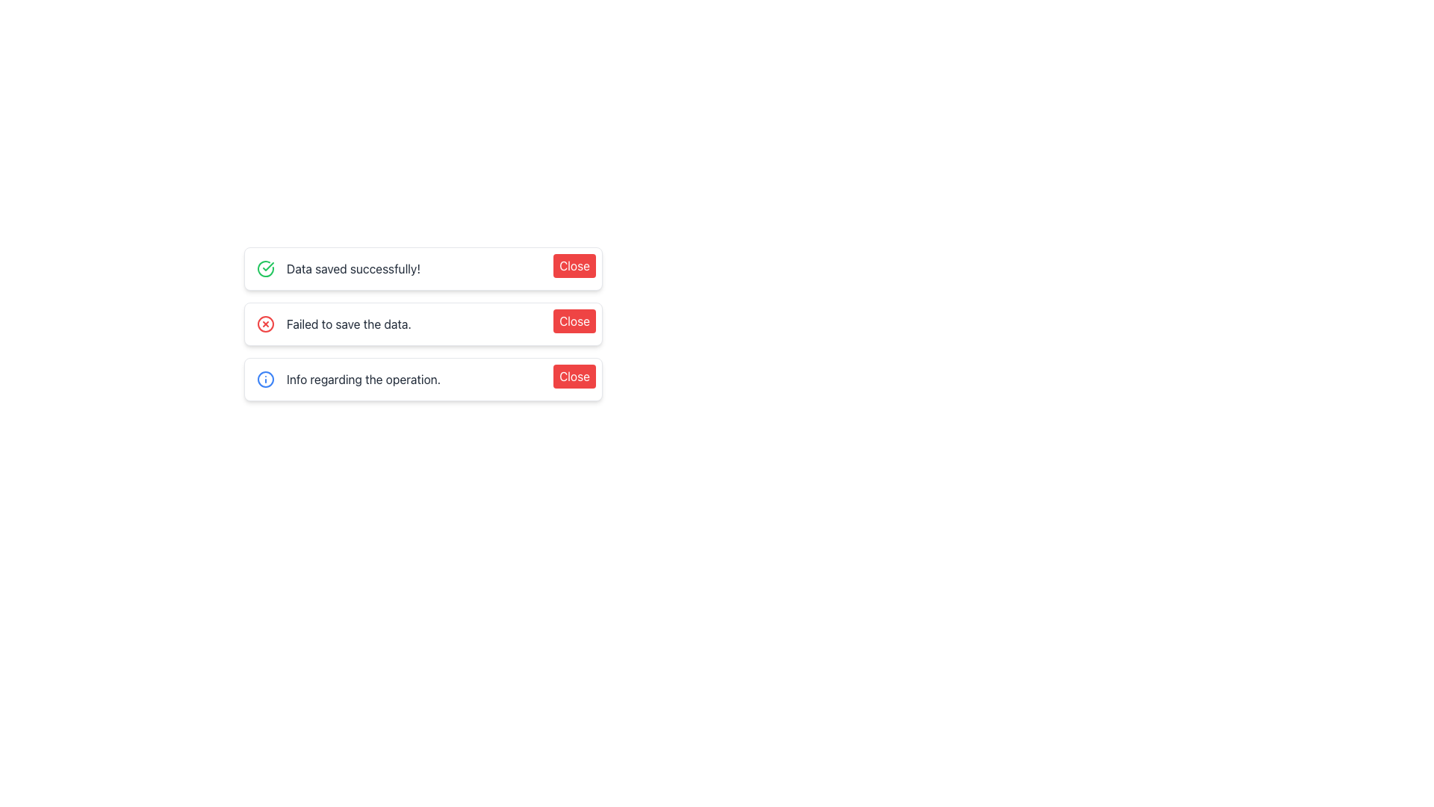 The image size is (1434, 807). Describe the element at coordinates (265, 379) in the screenshot. I see `the circular icon with a blue outline and a white background, located in the third notification card to the left of the message text 'Info regarding the operation.'` at that location.